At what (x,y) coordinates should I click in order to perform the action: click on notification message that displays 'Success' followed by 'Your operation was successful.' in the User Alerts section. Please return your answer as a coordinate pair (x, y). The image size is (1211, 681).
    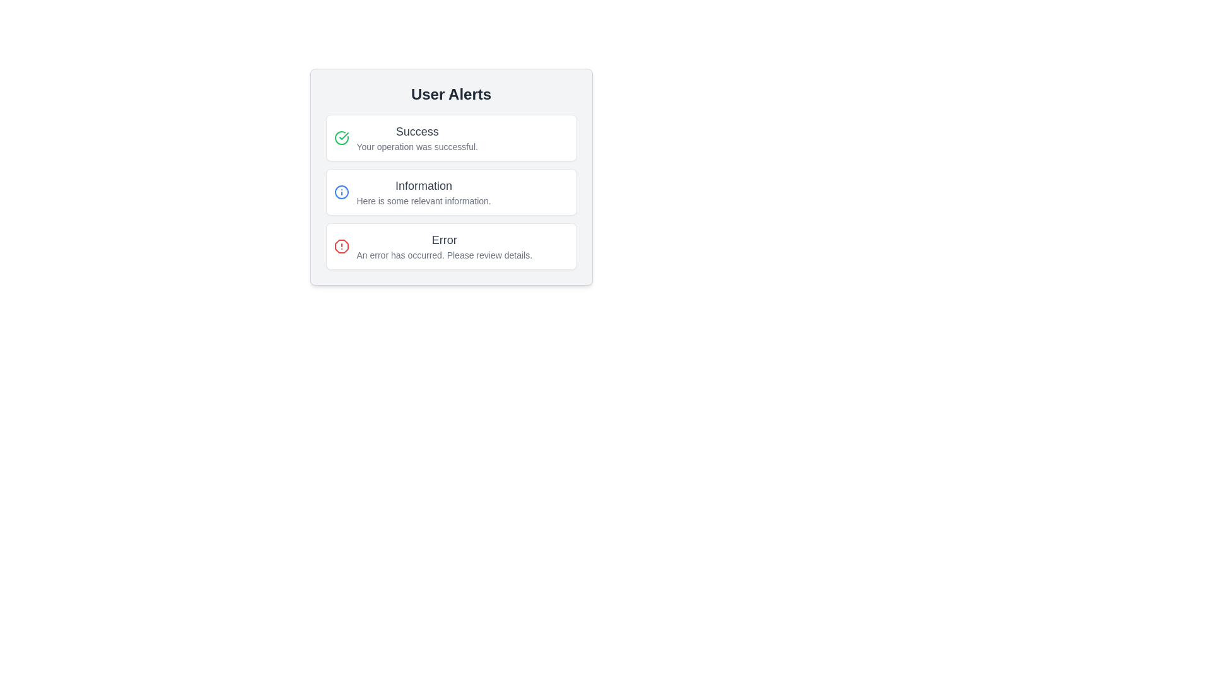
    Looking at the image, I should click on (417, 138).